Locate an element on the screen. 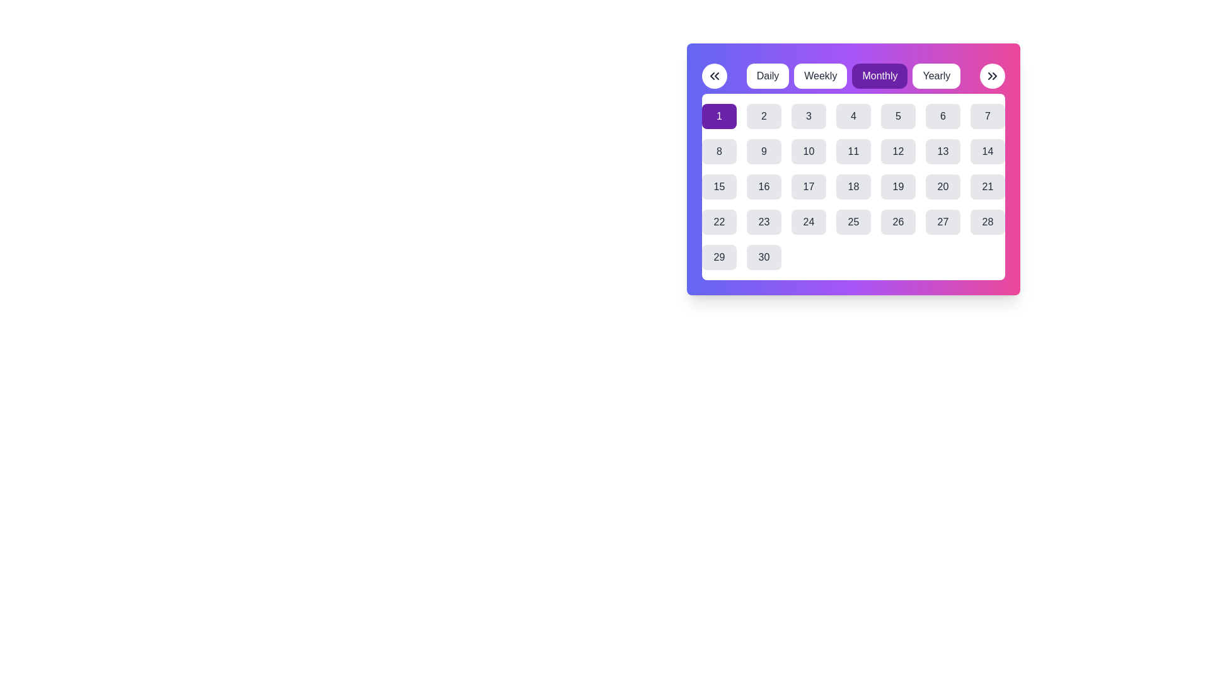 This screenshot has width=1210, height=680. the 'Weekly' button, which is a rectangular button with a white background and grey text, to switch to the weekly view is located at coordinates (821, 76).